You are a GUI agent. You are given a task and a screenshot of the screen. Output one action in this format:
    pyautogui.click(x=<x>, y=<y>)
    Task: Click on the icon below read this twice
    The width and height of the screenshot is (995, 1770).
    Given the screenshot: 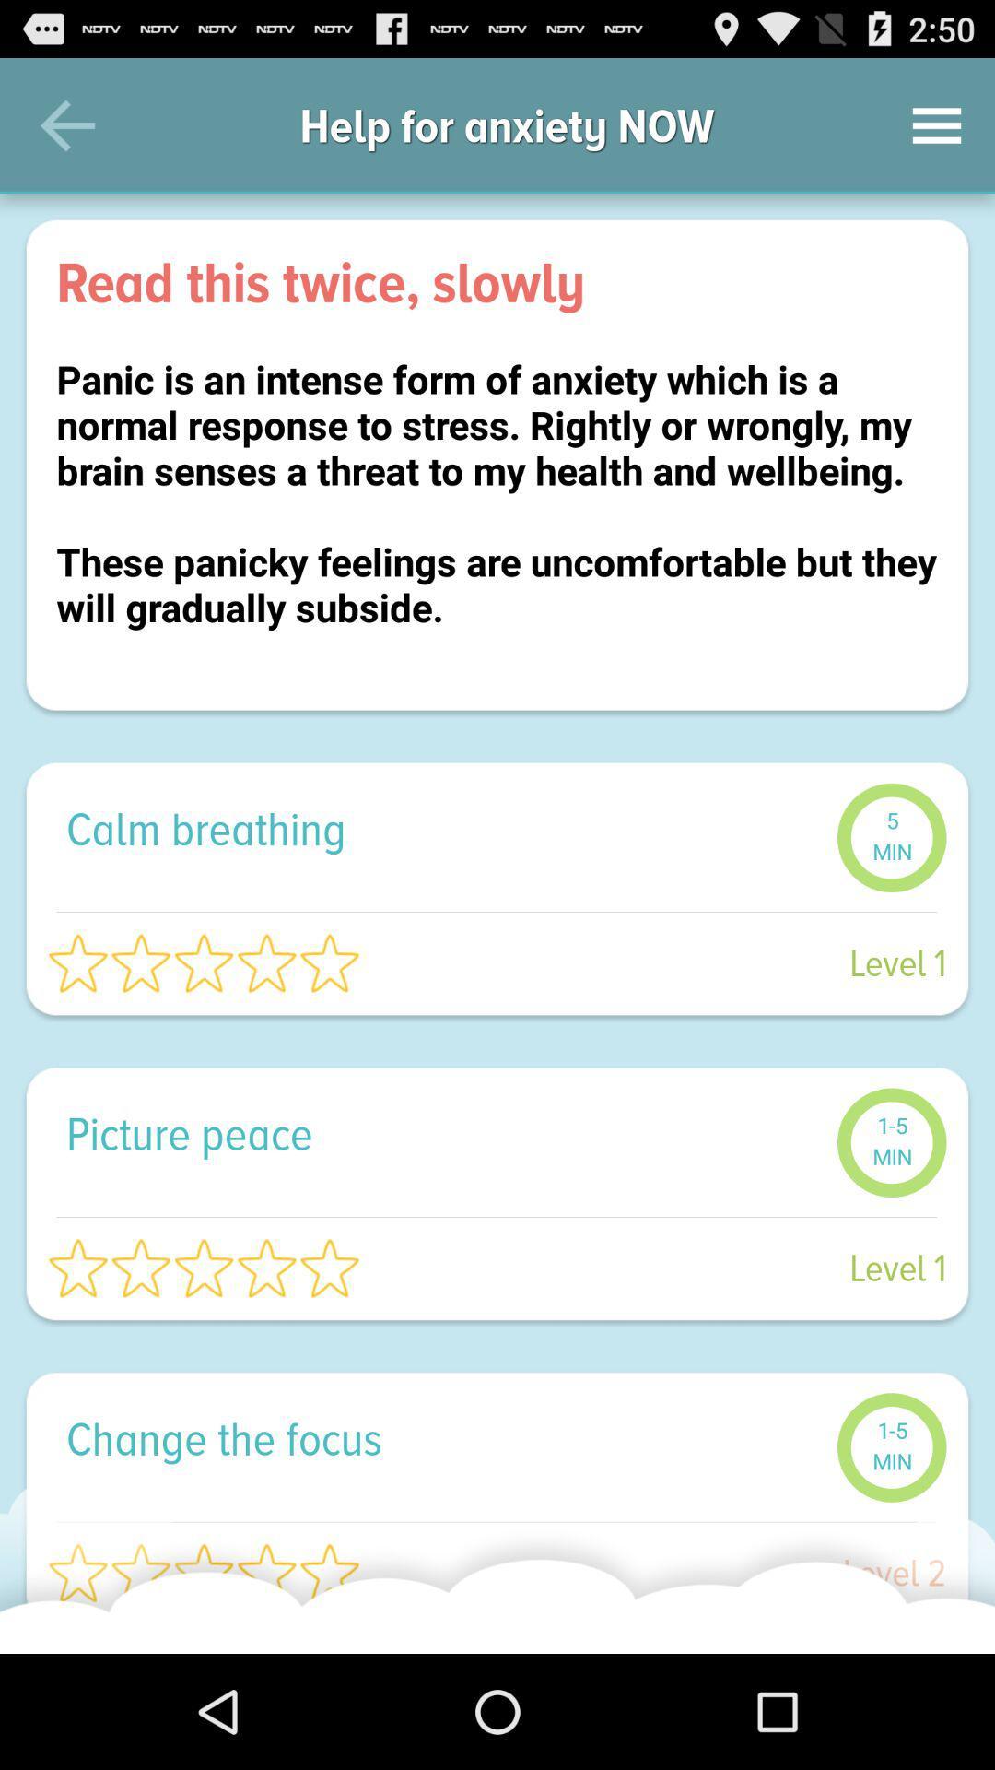 What is the action you would take?
    pyautogui.click(x=497, y=516)
    